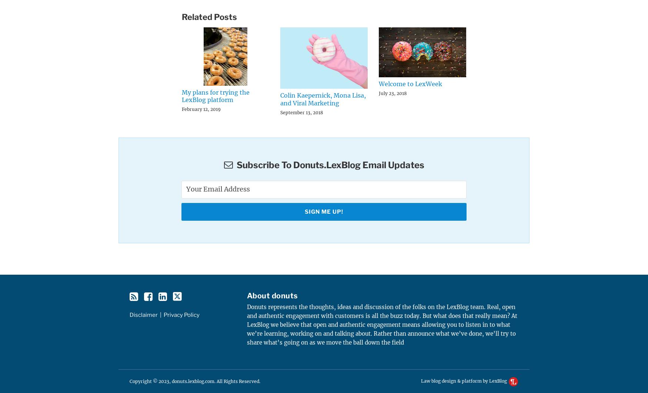 The height and width of the screenshot is (393, 648). Describe the element at coordinates (181, 314) in the screenshot. I see `'Privacy Policy'` at that location.